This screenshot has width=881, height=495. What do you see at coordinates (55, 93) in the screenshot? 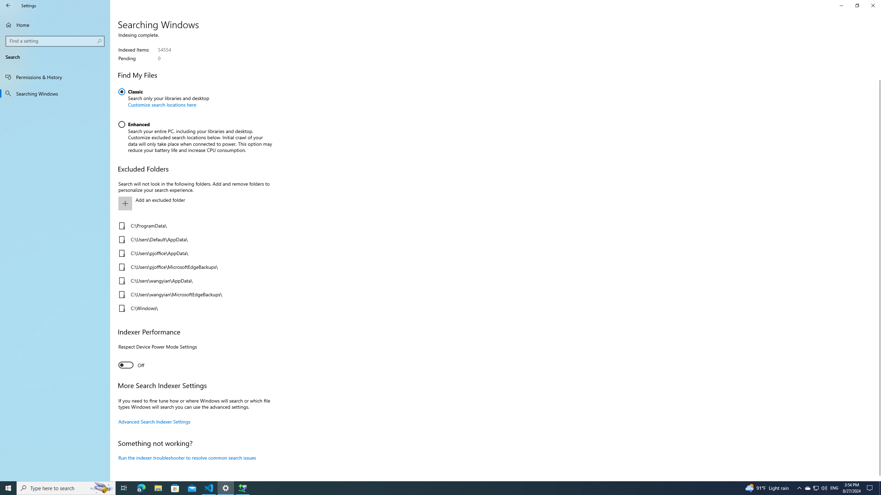
I see `'Searching Windows'` at bounding box center [55, 93].